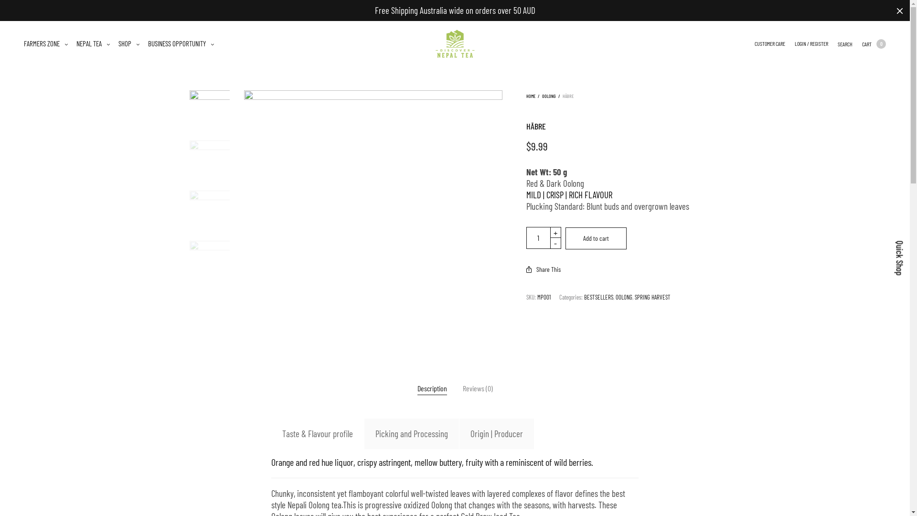  What do you see at coordinates (93, 43) in the screenshot?
I see `'NEPAL TEA'` at bounding box center [93, 43].